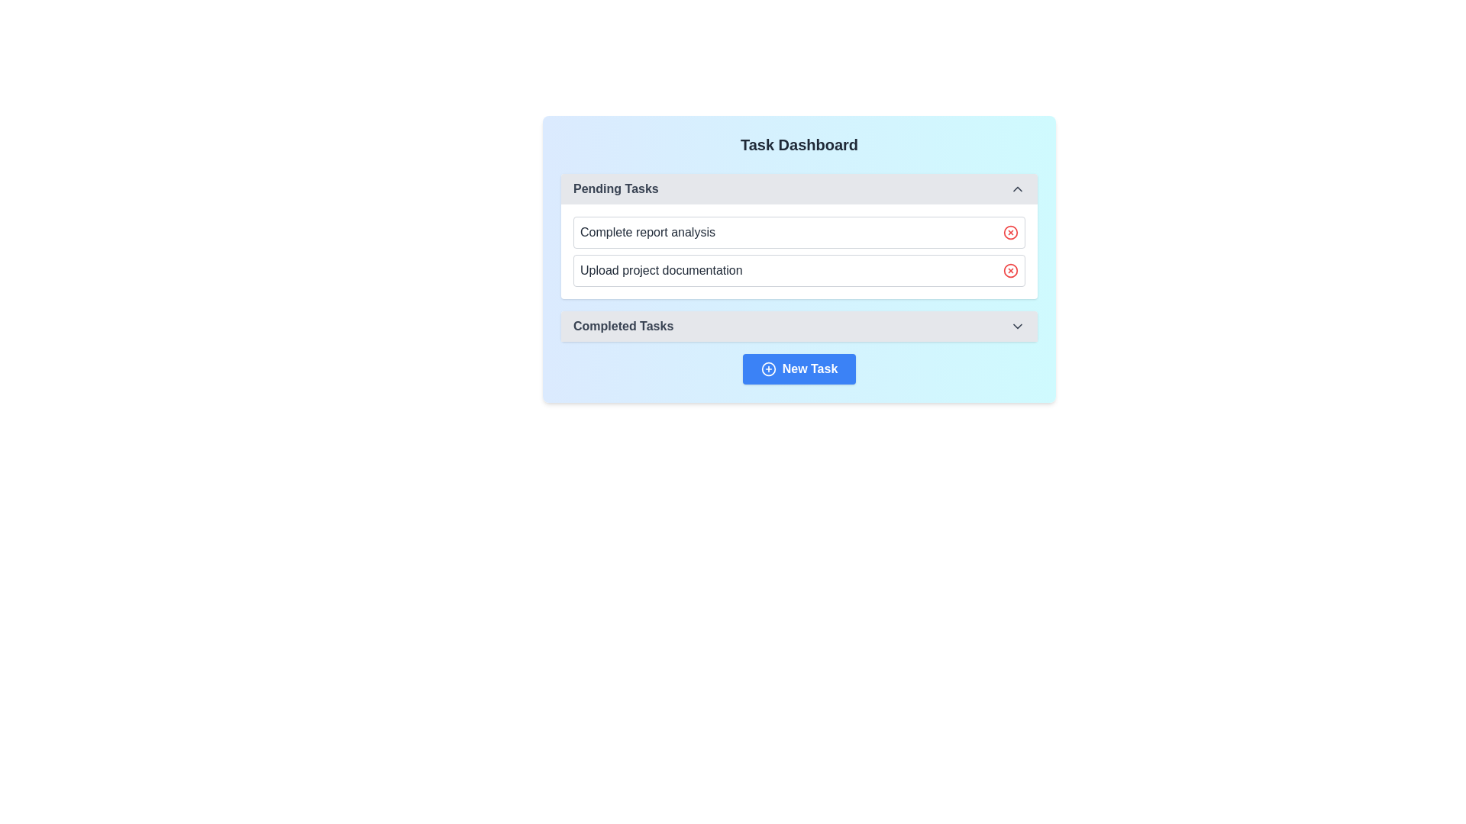  What do you see at coordinates (798, 251) in the screenshot?
I see `the uppermost task 'Complete report analysis' for editing in the 'Pending Tasks' section of the 'Task Dashboard'` at bounding box center [798, 251].